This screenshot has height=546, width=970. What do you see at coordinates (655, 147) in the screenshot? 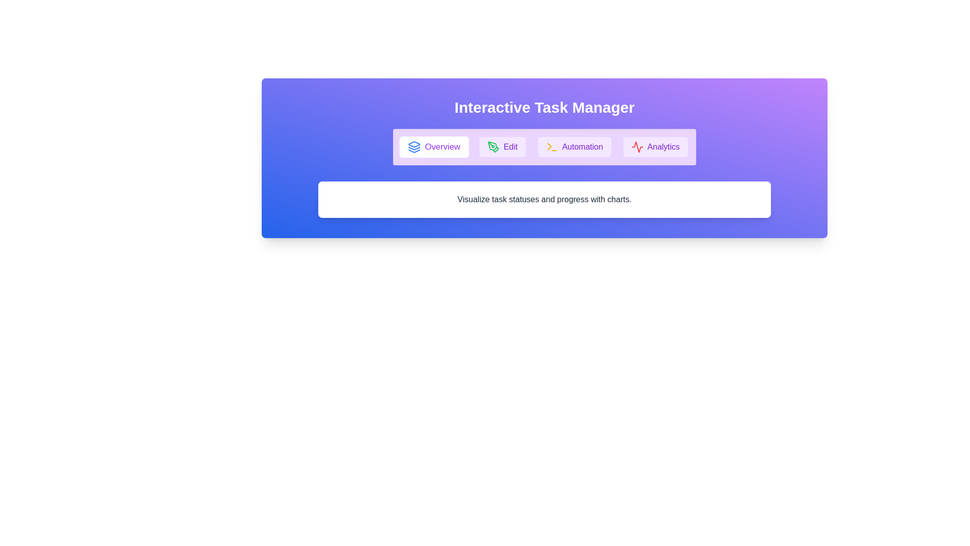
I see `the tab button labeled Analytics` at bounding box center [655, 147].